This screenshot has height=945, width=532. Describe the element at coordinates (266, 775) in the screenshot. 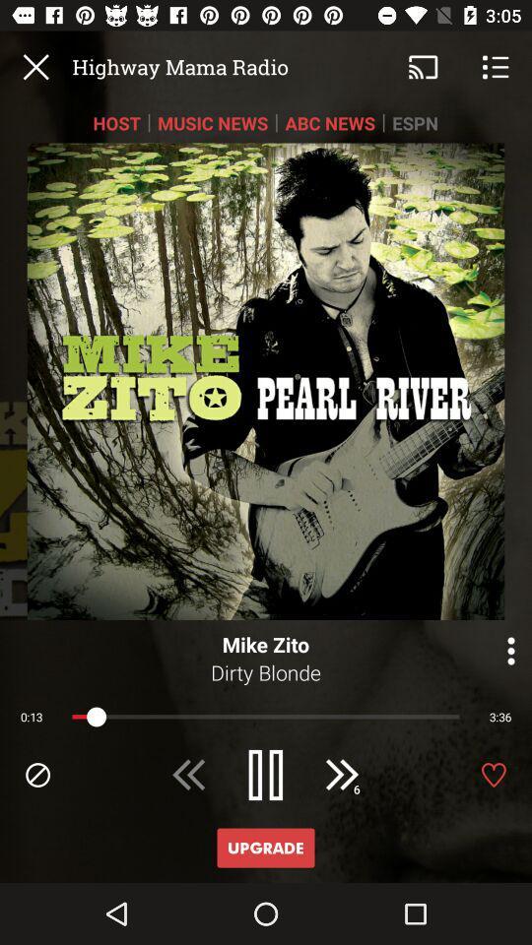

I see `the pause icon` at that location.